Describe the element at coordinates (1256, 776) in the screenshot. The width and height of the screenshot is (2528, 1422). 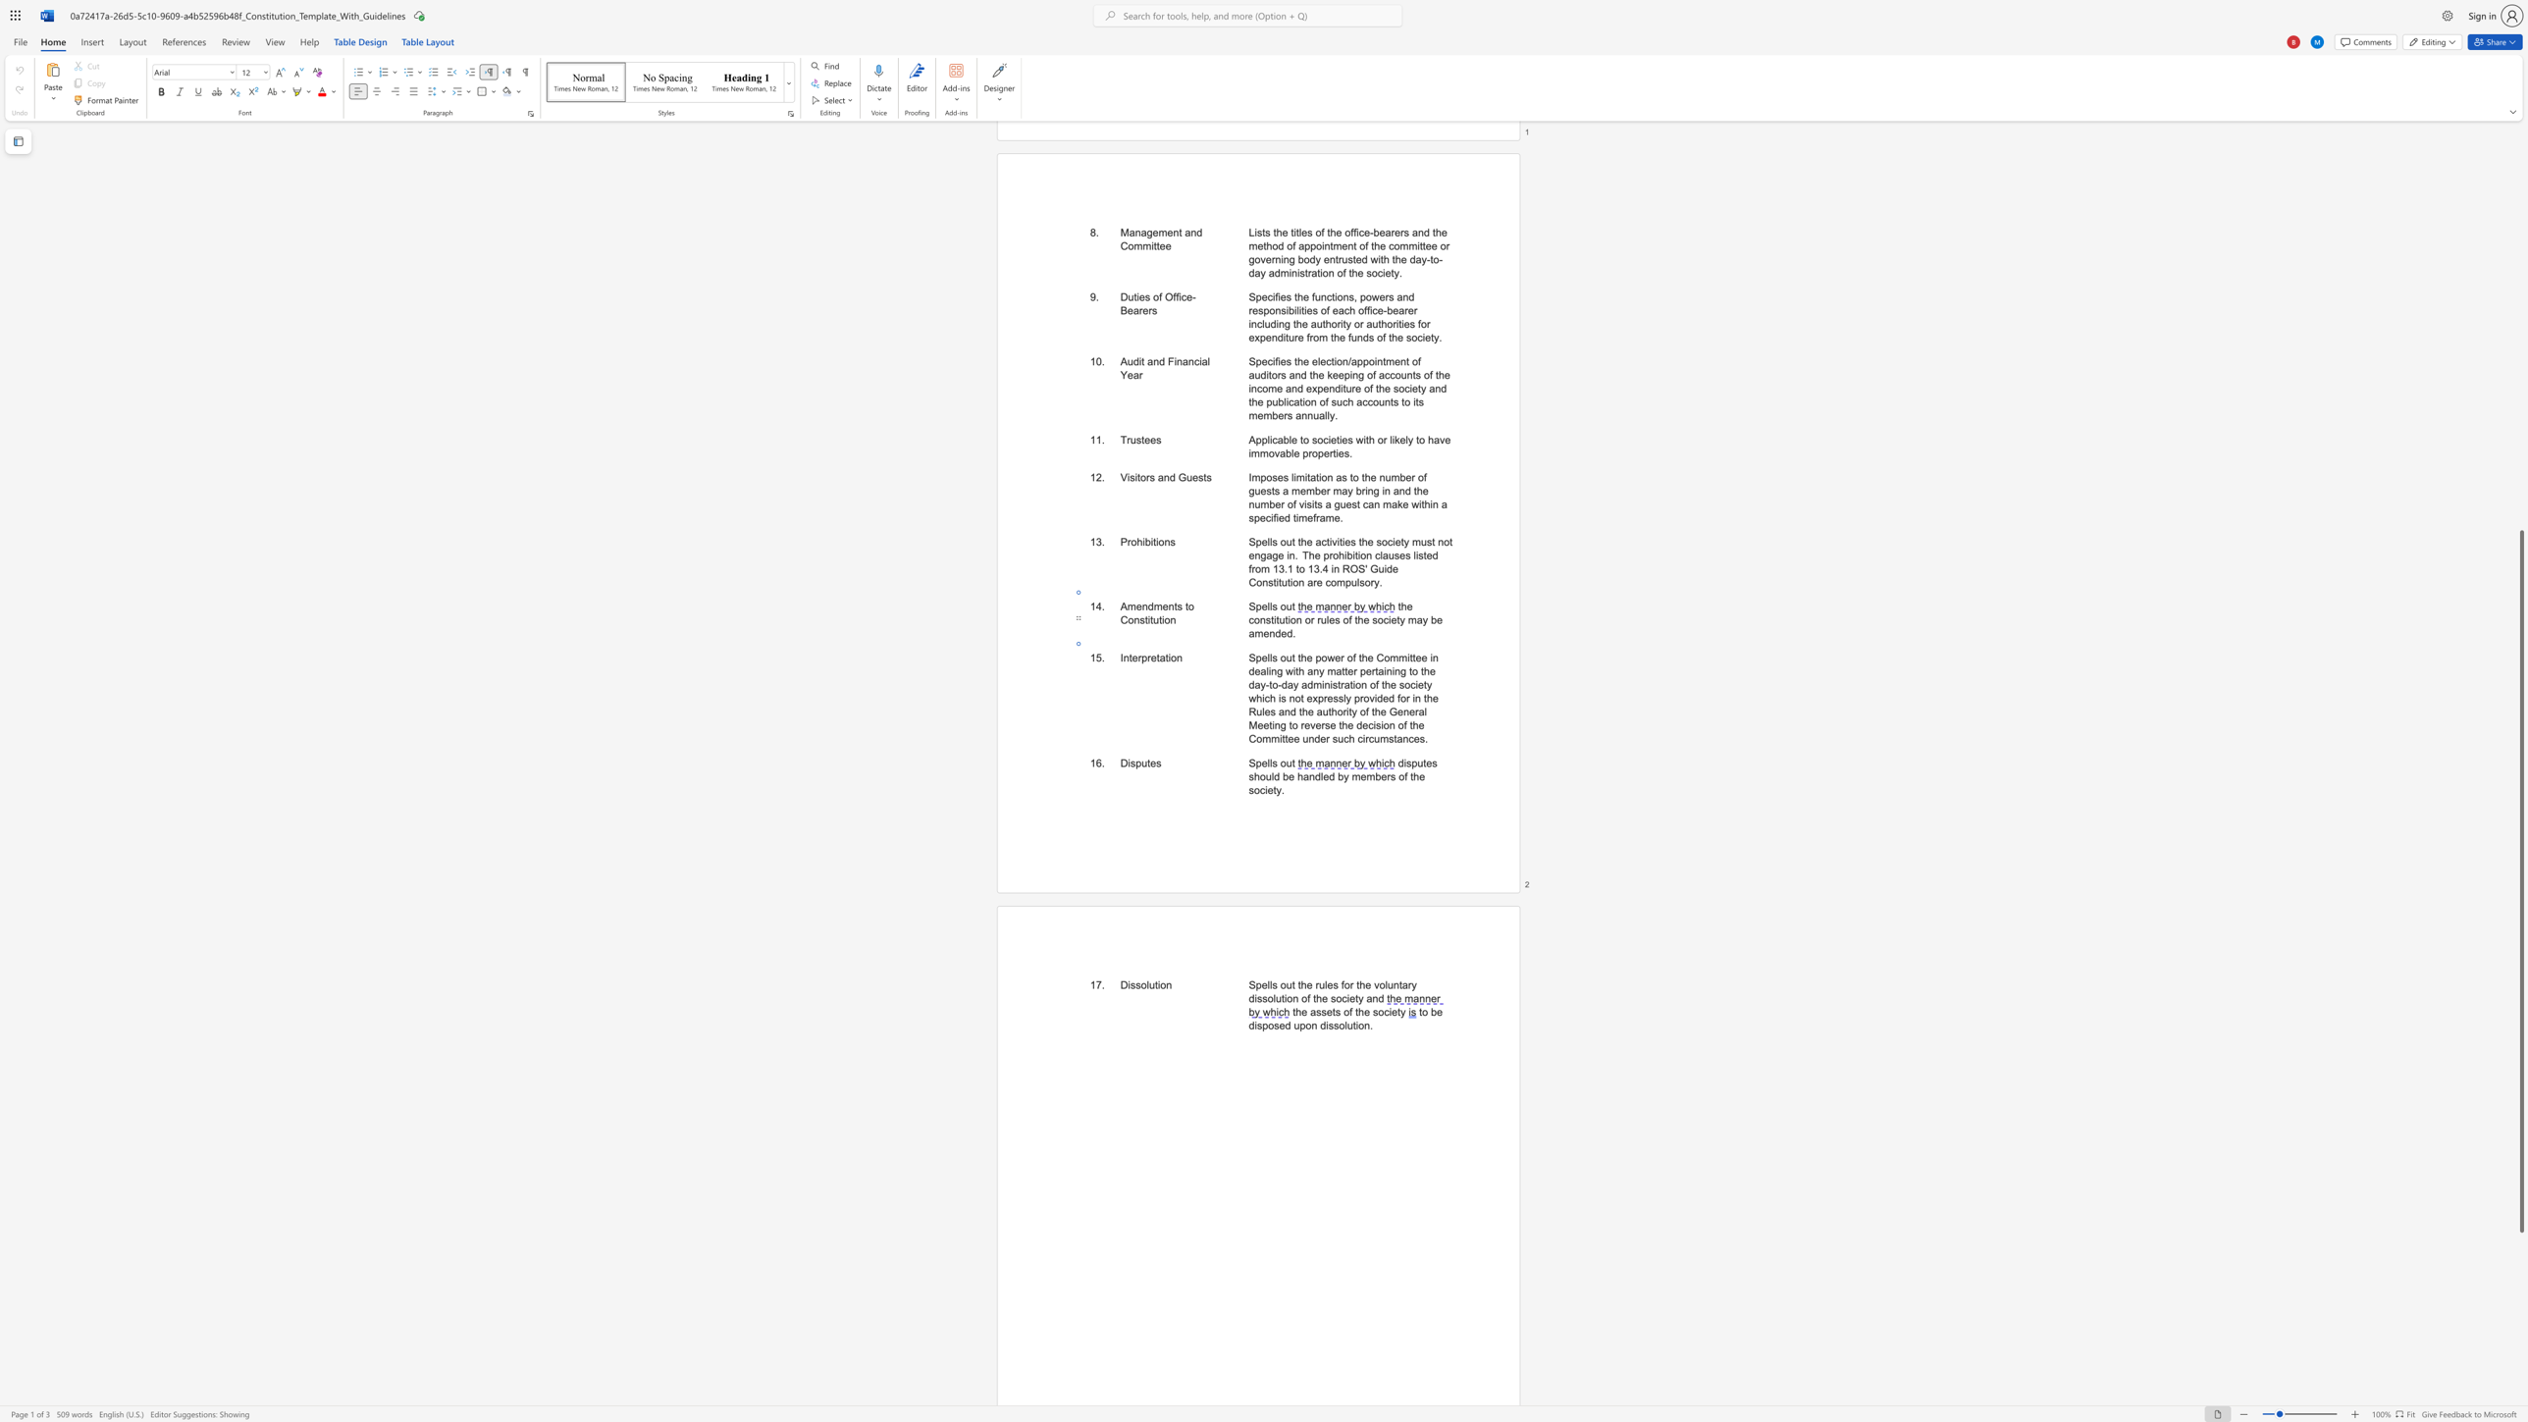
I see `the 1th character "h" in the text` at that location.